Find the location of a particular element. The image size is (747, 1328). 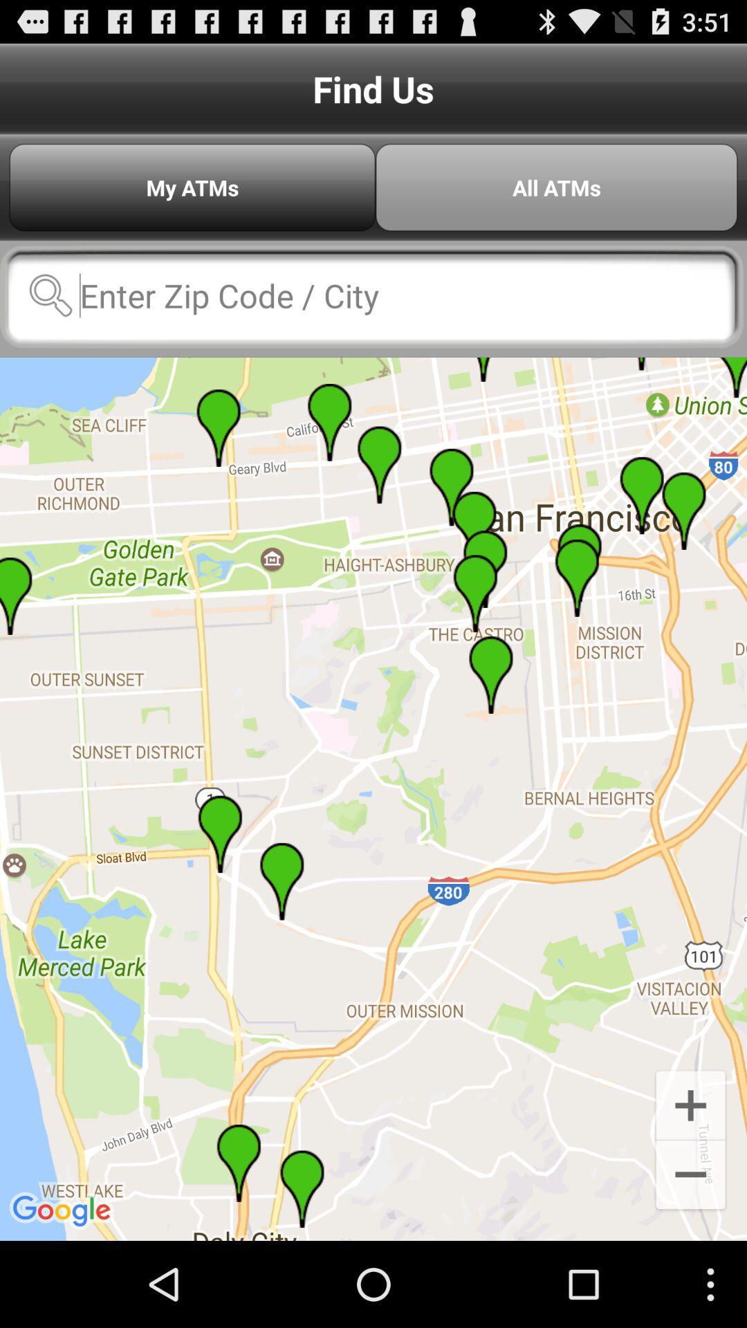

the add icon is located at coordinates (690, 1181).